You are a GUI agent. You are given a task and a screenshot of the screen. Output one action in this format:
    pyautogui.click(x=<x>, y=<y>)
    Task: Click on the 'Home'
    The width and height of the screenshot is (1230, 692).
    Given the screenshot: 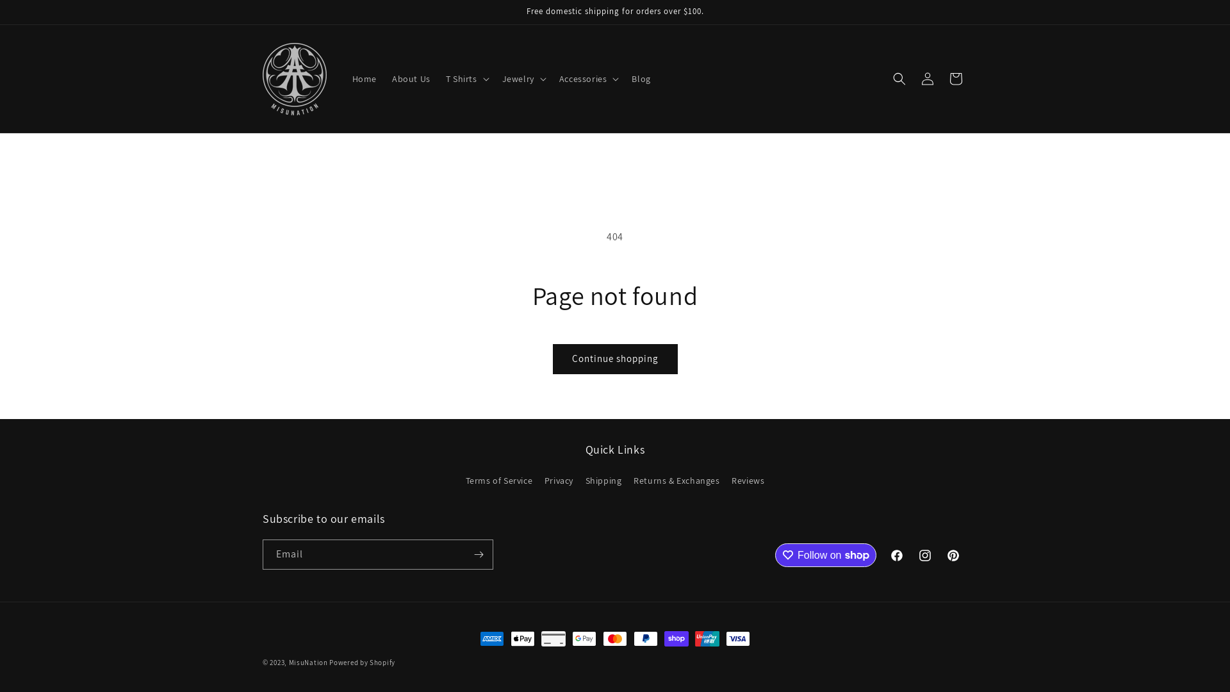 What is the action you would take?
    pyautogui.click(x=344, y=79)
    